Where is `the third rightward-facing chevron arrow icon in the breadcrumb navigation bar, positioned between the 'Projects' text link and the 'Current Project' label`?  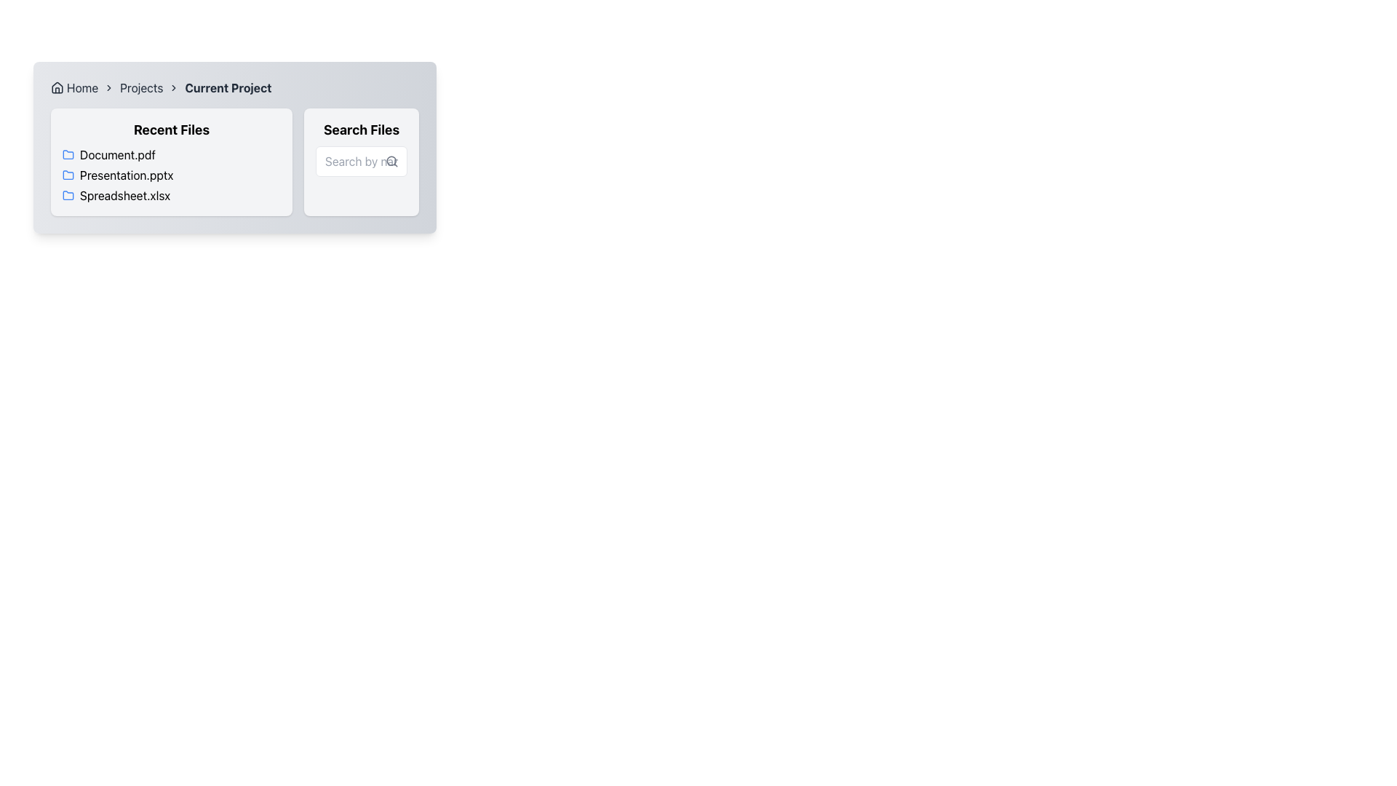
the third rightward-facing chevron arrow icon in the breadcrumb navigation bar, positioned between the 'Projects' text link and the 'Current Project' label is located at coordinates (174, 87).